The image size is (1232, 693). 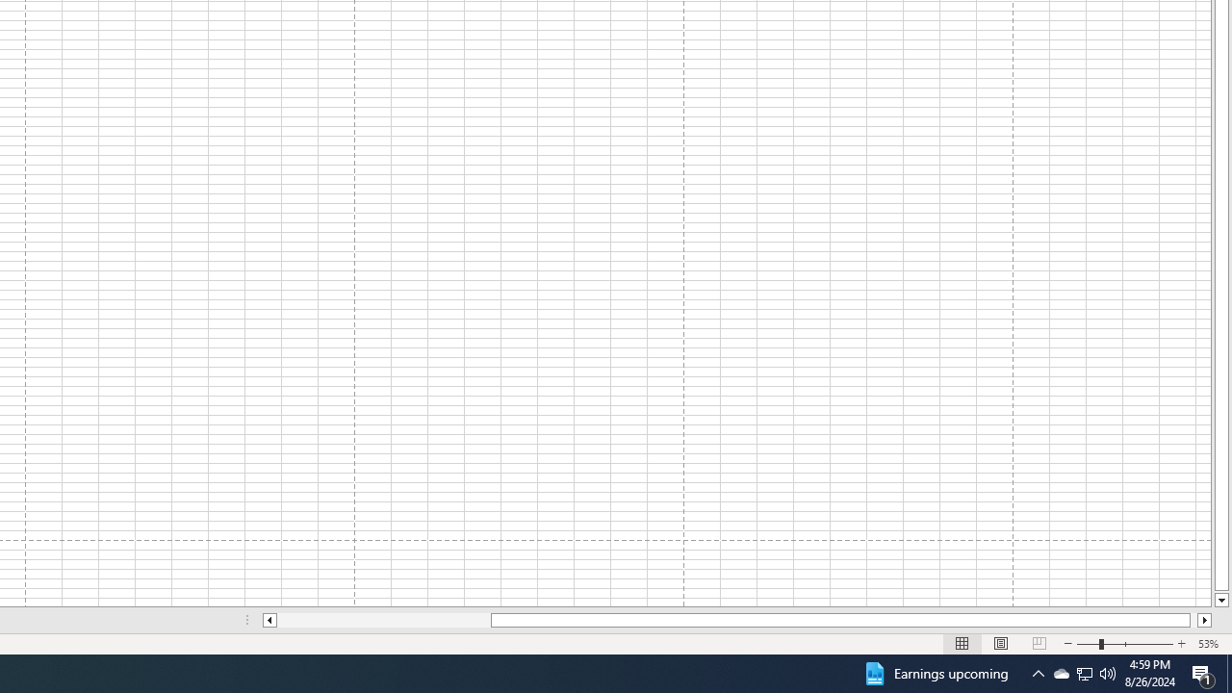 What do you see at coordinates (1193, 620) in the screenshot?
I see `'Page right'` at bounding box center [1193, 620].